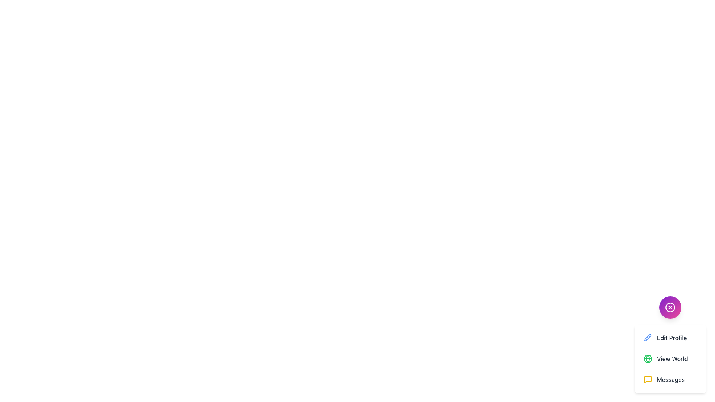  What do you see at coordinates (647, 379) in the screenshot?
I see `the speech bubble icon representing the 'Messages' option at the bottom right of the menu` at bounding box center [647, 379].